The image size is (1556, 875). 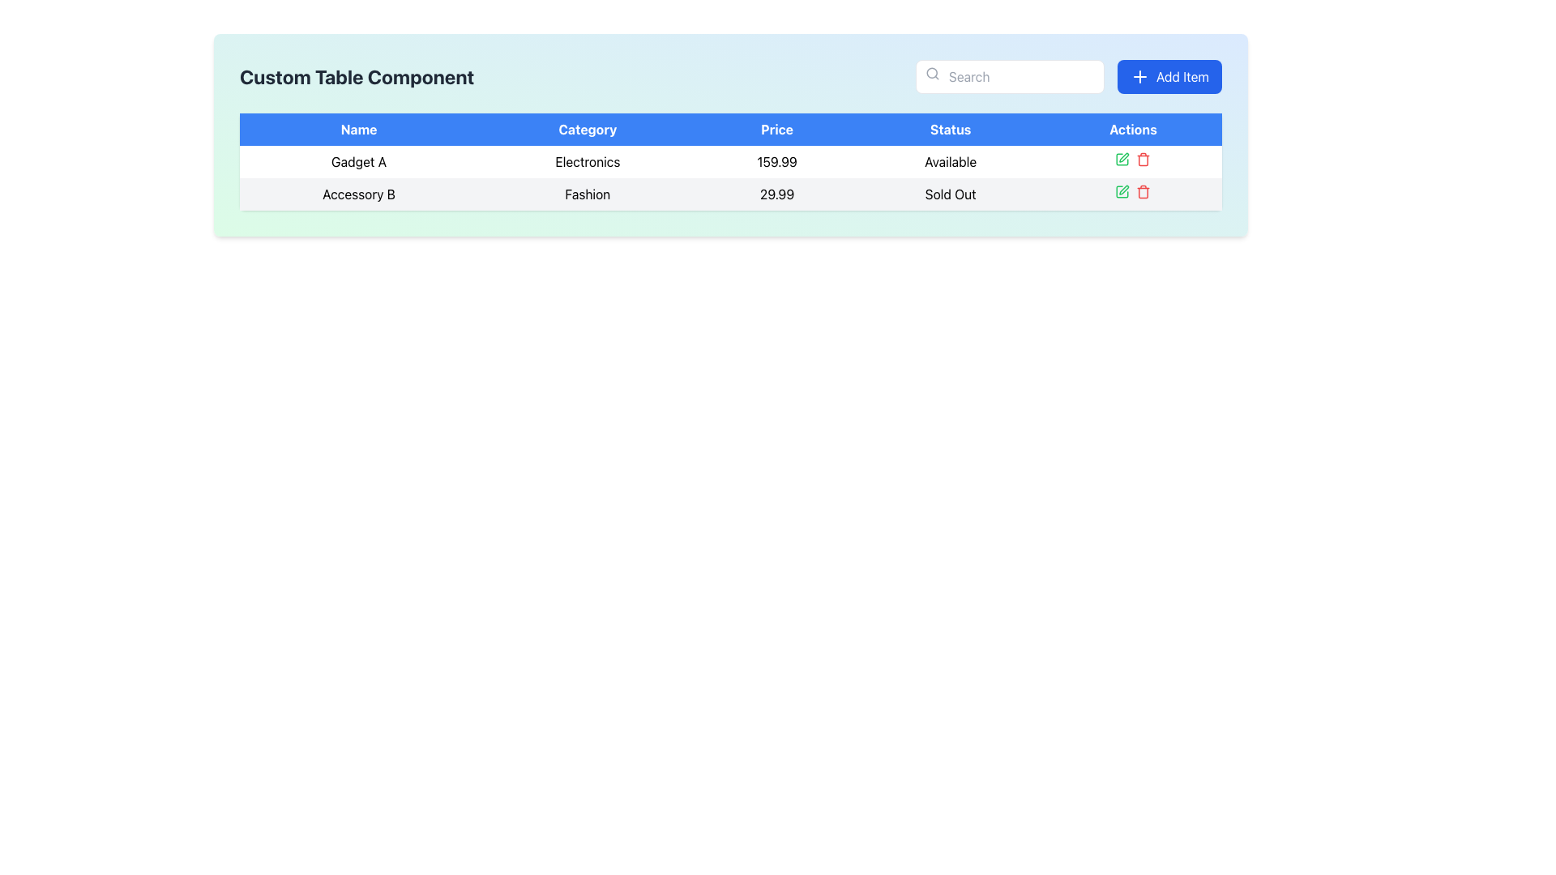 I want to click on the delete button located in the Actions column of the table next to the green icon for the second row labeled 'Accessory B', so click(x=1143, y=190).